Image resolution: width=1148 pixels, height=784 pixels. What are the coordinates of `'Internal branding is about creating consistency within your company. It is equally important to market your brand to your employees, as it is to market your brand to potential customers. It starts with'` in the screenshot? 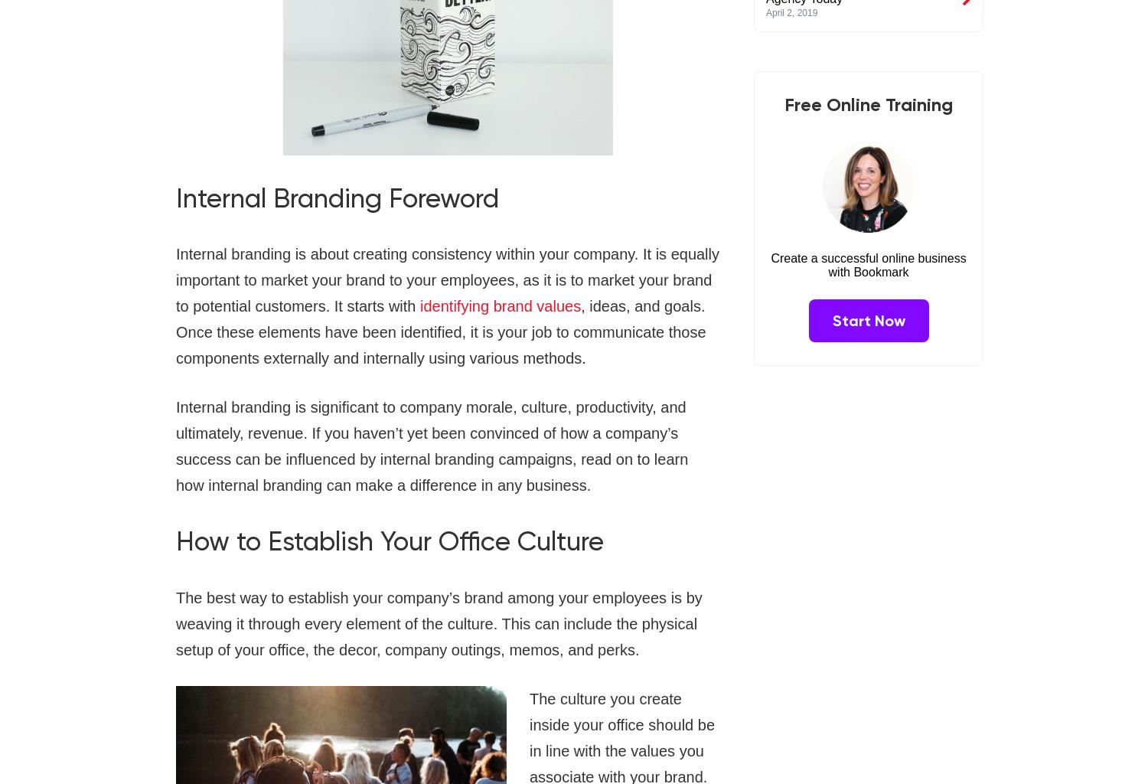 It's located at (447, 279).